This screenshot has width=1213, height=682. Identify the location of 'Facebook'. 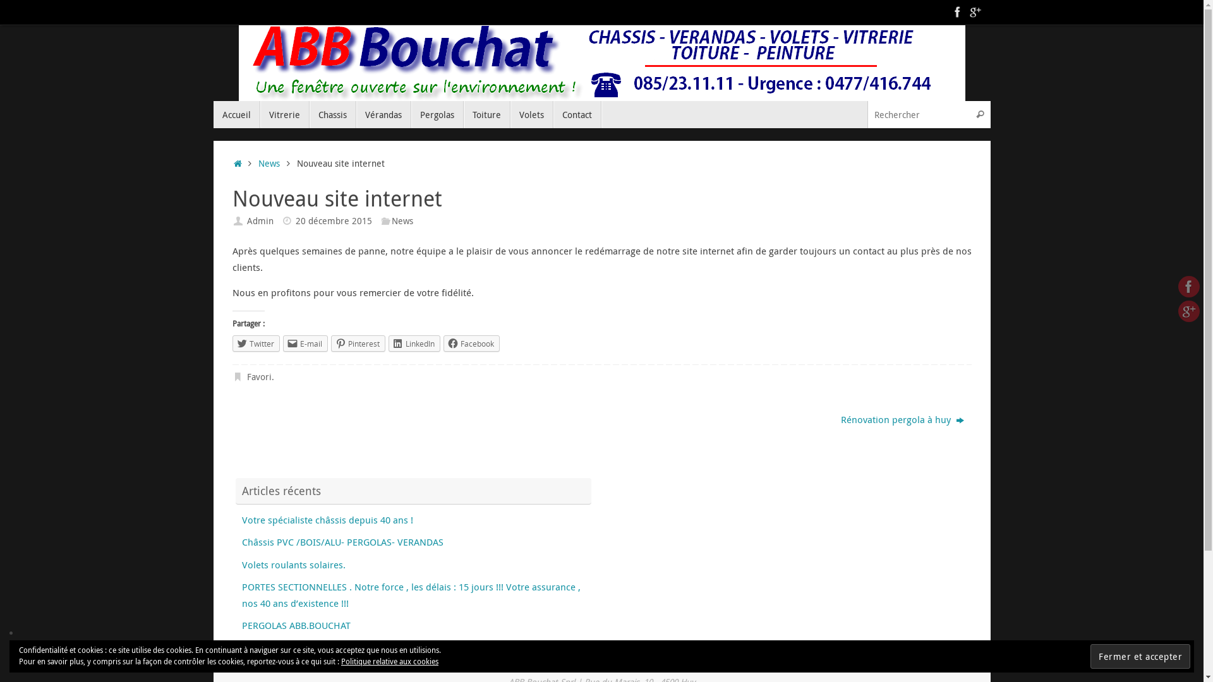
(443, 343).